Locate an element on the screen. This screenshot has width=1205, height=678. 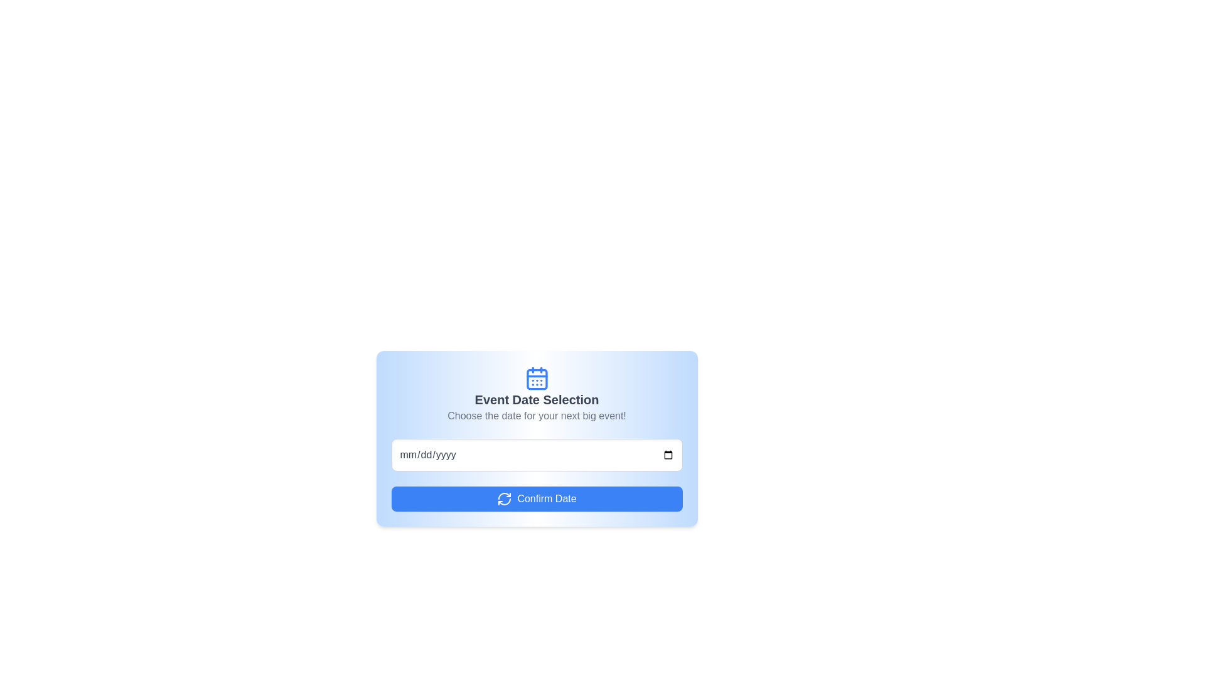
the 'Confirm Date' button, which is a horizontally stretched blue button with rounded corners and white text, to observe its hover effects is located at coordinates (537, 498).